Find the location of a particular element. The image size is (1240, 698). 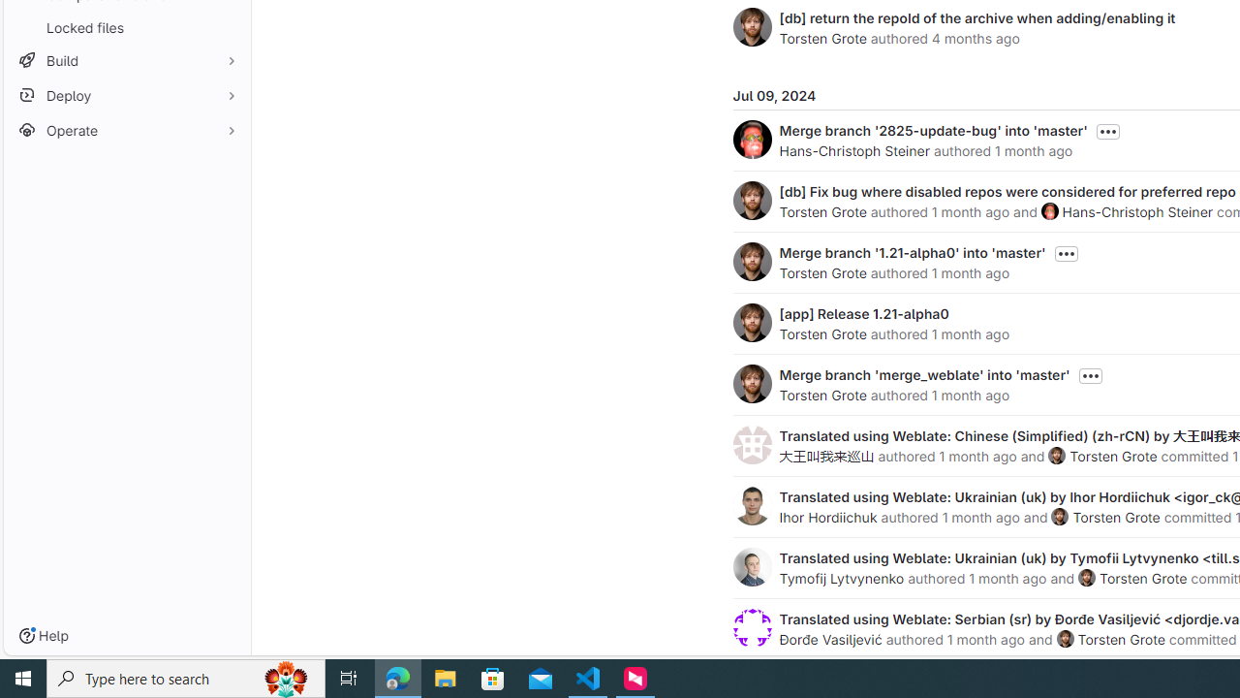

'Deploy' is located at coordinates (126, 95).